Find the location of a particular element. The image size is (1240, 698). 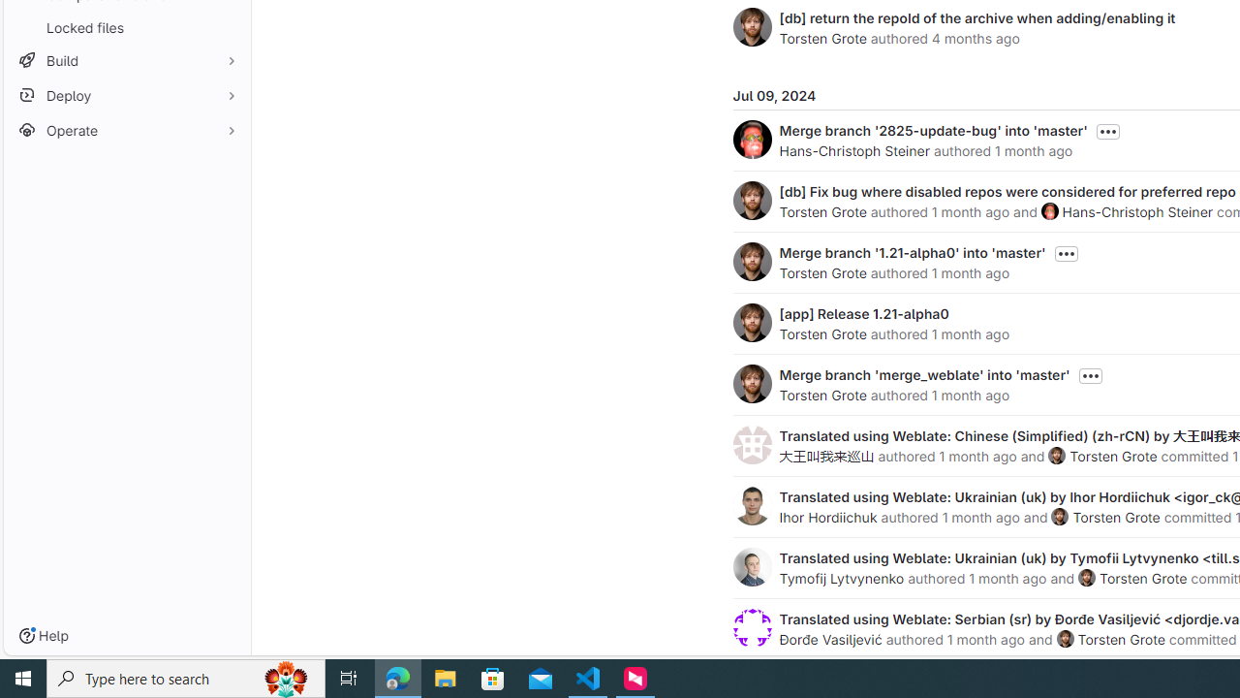

'Deploy' is located at coordinates (126, 95).